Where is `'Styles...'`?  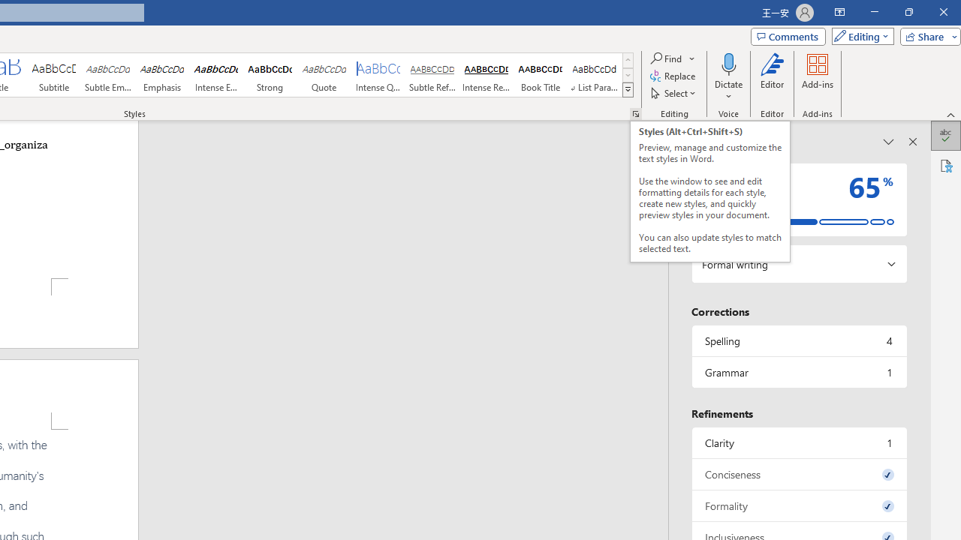 'Styles...' is located at coordinates (635, 112).